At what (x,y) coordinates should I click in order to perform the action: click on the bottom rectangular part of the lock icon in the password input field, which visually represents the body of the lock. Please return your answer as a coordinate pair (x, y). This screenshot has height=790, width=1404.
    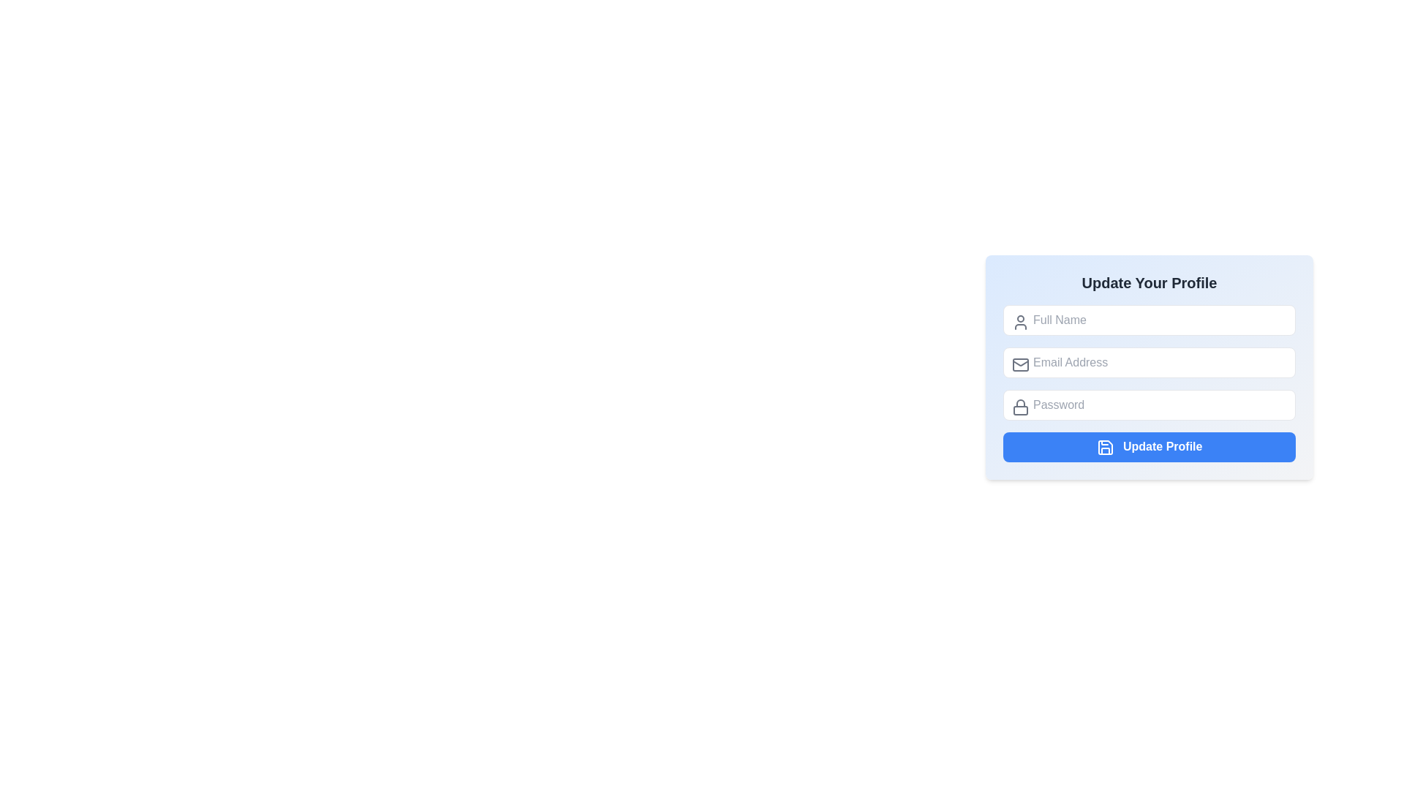
    Looking at the image, I should click on (1020, 410).